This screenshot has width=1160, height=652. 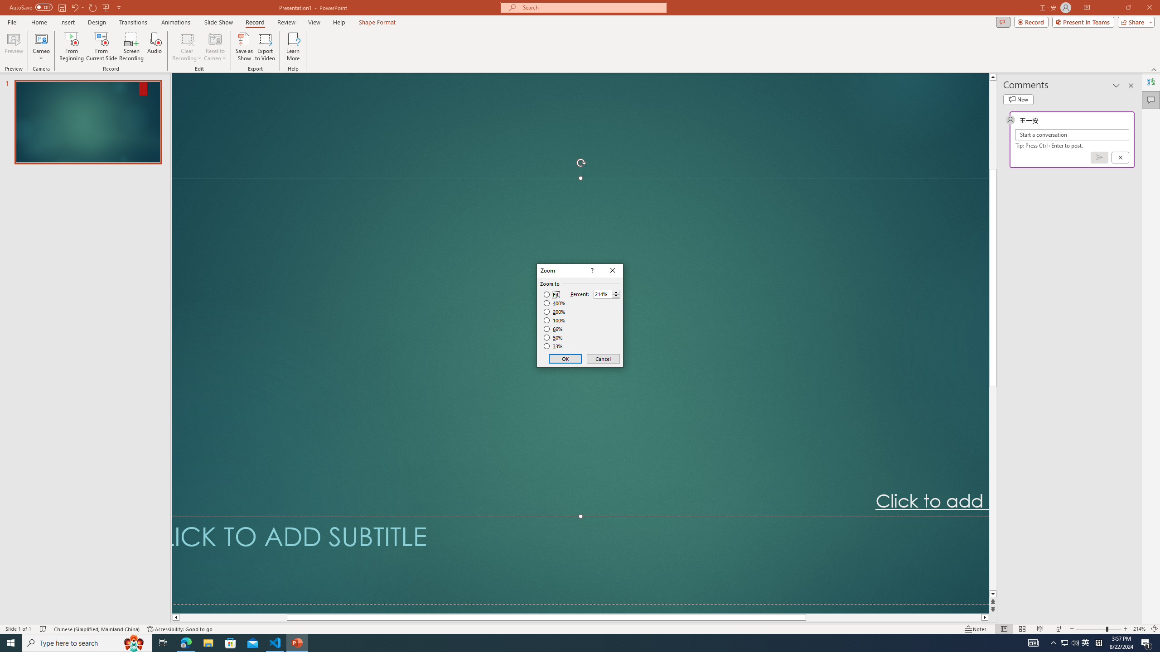 I want to click on '400%', so click(x=554, y=303).